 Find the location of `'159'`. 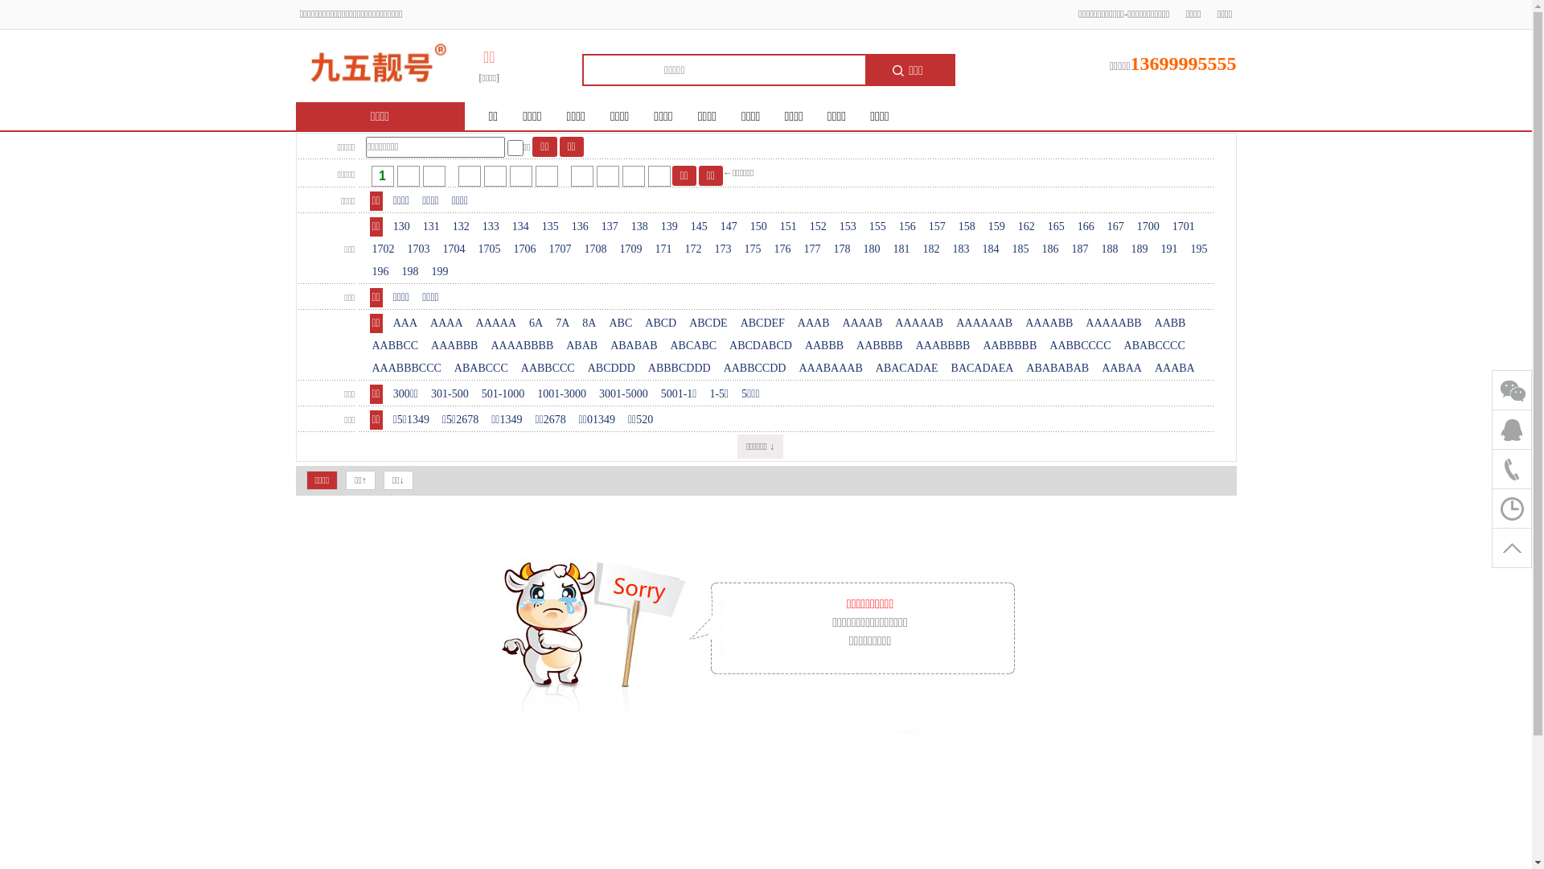

'159' is located at coordinates (984, 226).